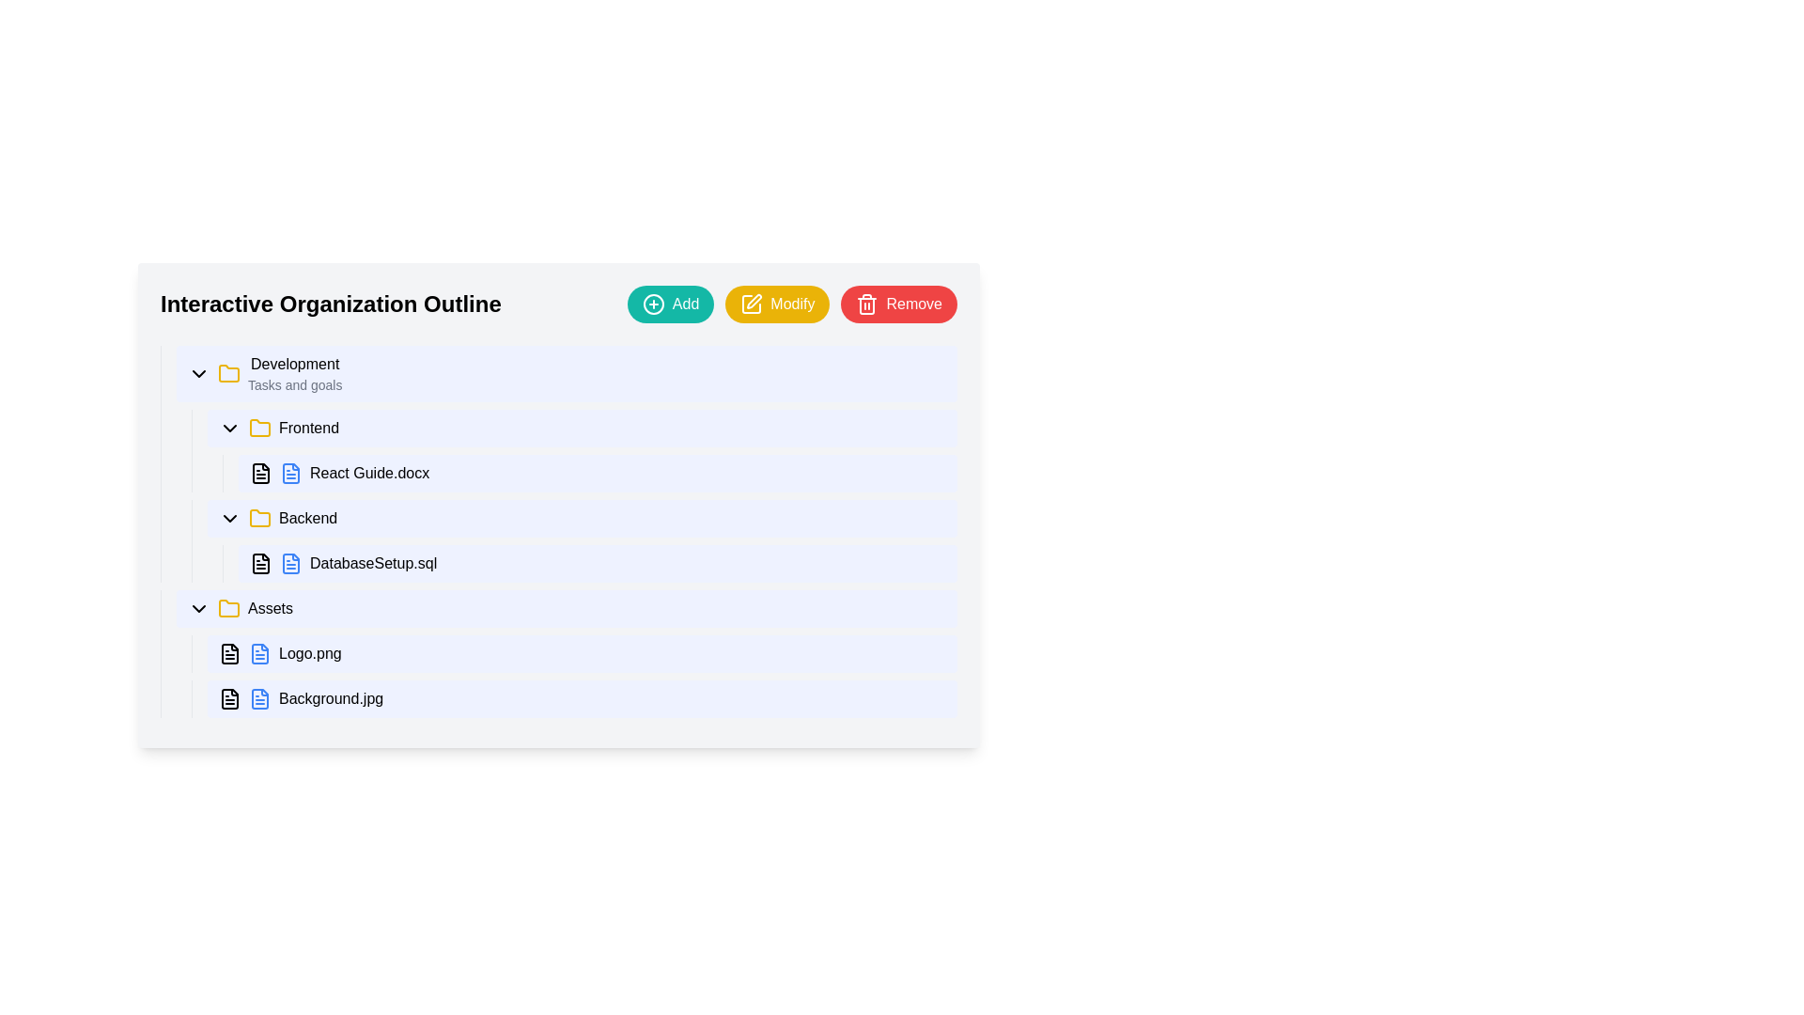 The width and height of the screenshot is (1804, 1015). I want to click on the 'Frontend' folder text label, which is styled in bold or medium font and located to the right of a yellow folder icon in the Development section of the expandable folder list, so click(309, 428).